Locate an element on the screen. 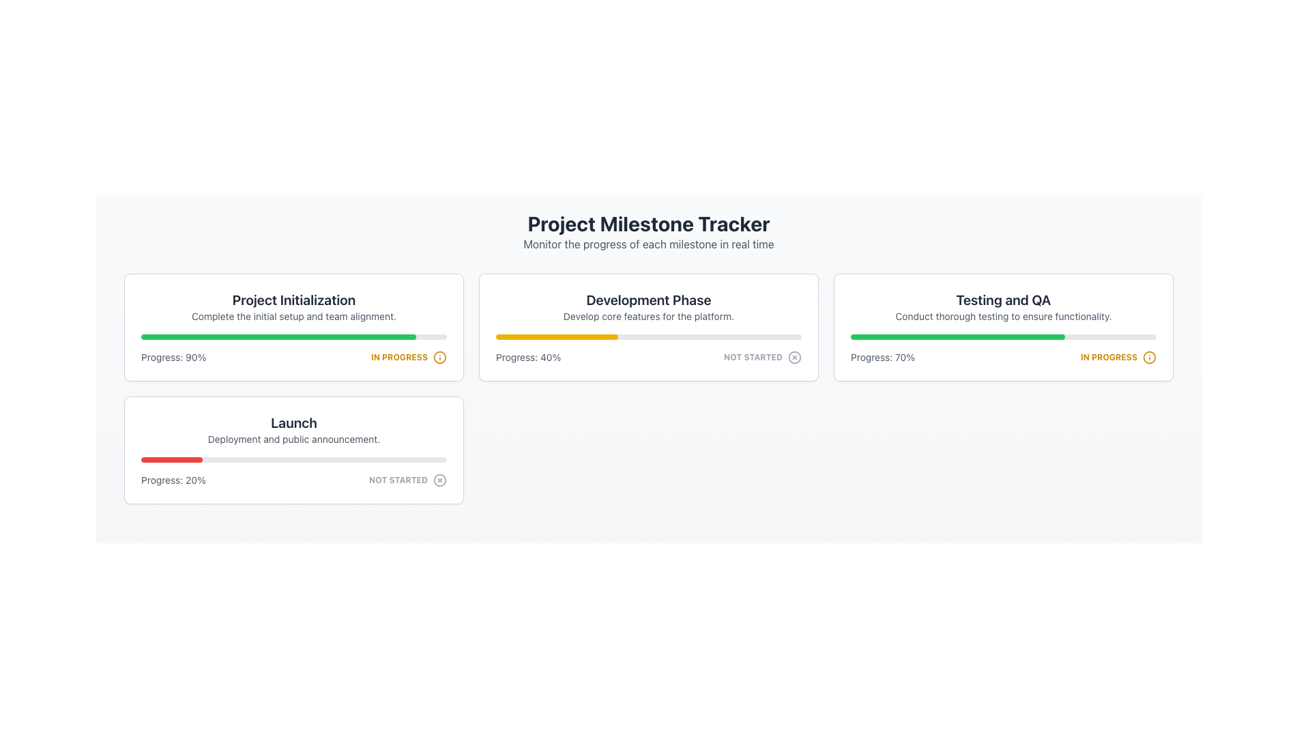 The width and height of the screenshot is (1310, 737). text from the header that says 'Project Milestone Tracker', which is a bold, large, dark gray text centered at the top of the content section is located at coordinates (647, 222).